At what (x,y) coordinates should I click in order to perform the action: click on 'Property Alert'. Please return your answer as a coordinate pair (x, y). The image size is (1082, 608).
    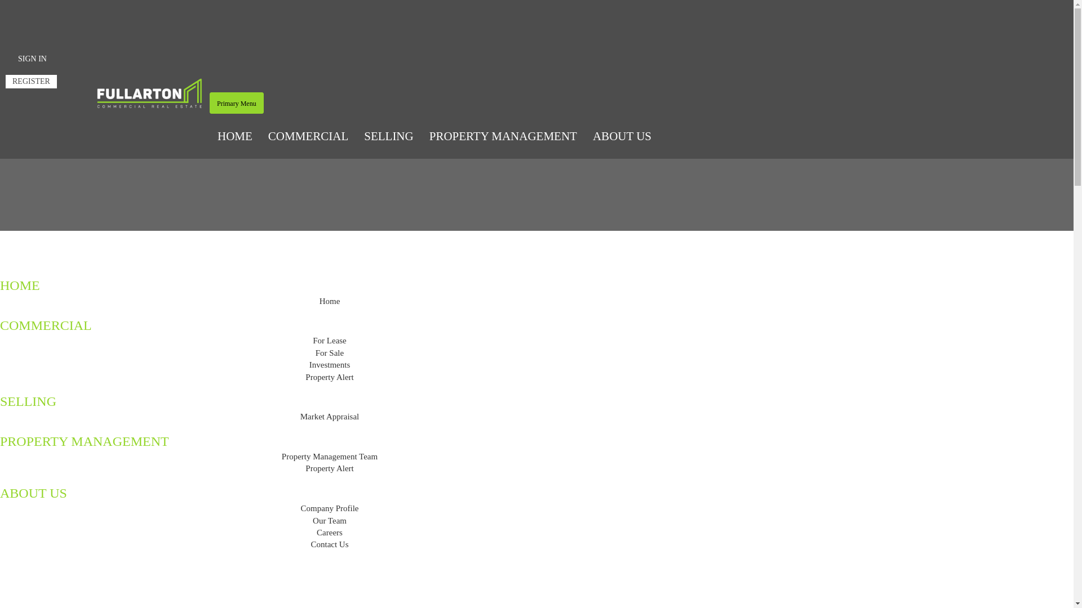
    Looking at the image, I should click on (305, 468).